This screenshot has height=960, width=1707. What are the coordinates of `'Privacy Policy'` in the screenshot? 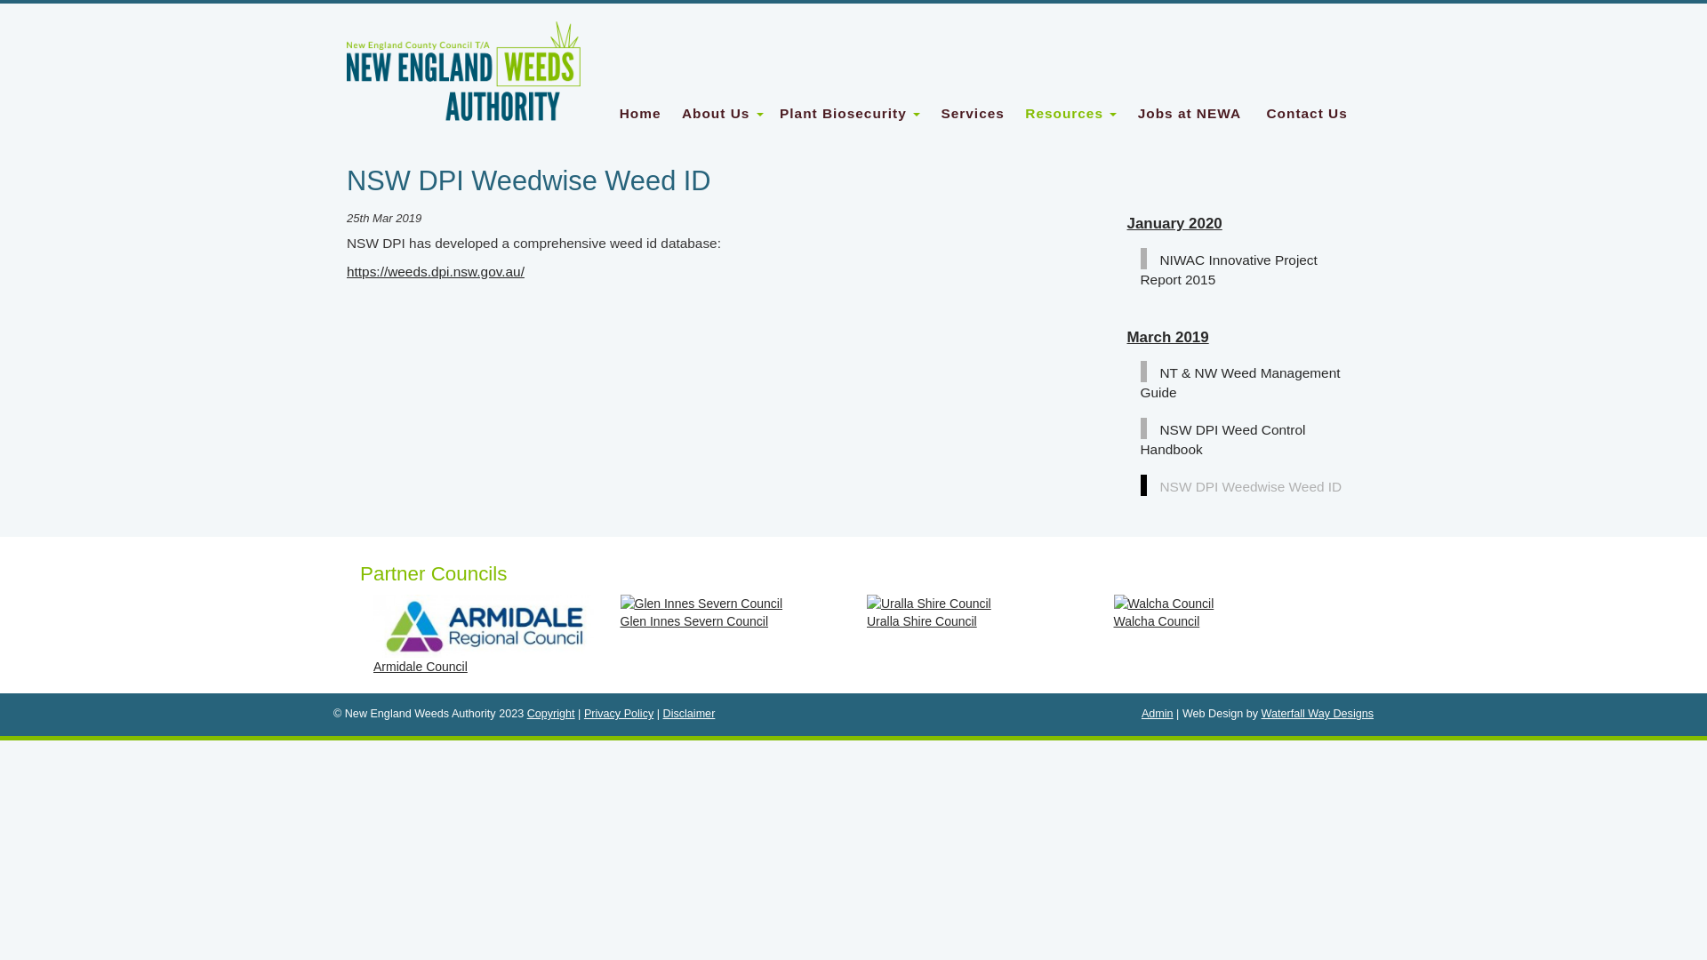 It's located at (619, 712).